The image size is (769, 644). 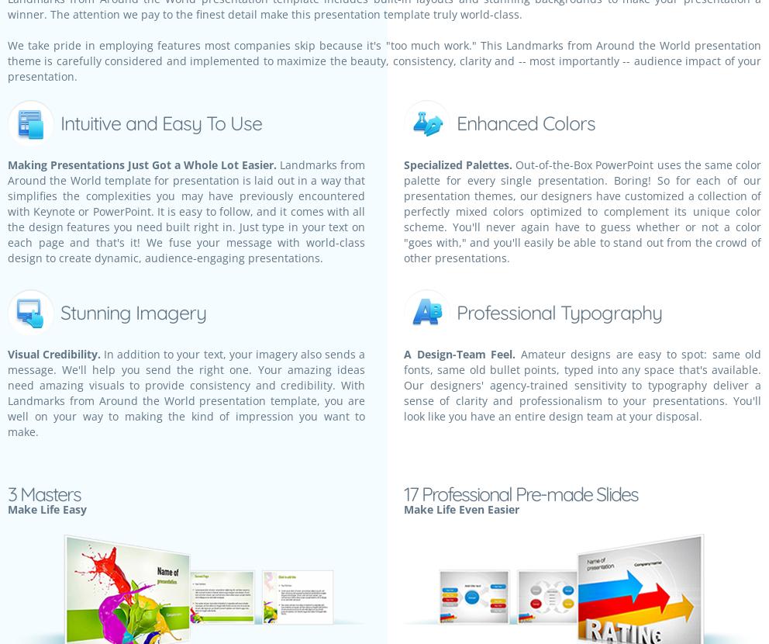 What do you see at coordinates (384, 60) in the screenshot?
I see `'We take pride in employing features most companies skip because it's "too much work." This Landmarks from Around the World presentation theme is carefully considered and implemented to maximize the beauty, consistency, clarity and -- most importantly -- audience impact of your presentation.'` at bounding box center [384, 60].